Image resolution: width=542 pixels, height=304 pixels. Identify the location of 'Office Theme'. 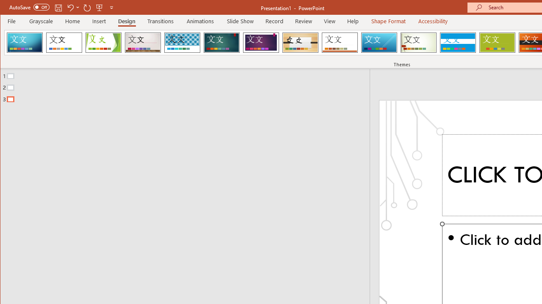
(64, 42).